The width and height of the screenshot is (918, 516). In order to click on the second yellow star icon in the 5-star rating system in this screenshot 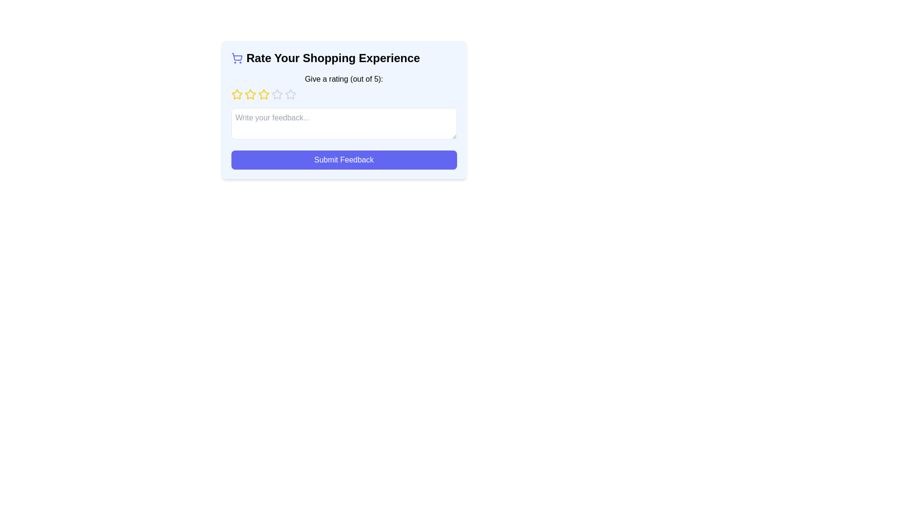, I will do `click(250, 94)`.